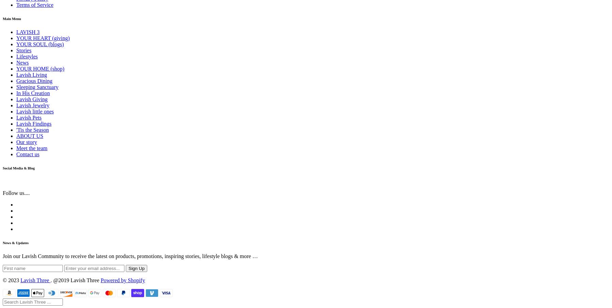 This screenshot has height=308, width=612. What do you see at coordinates (31, 75) in the screenshot?
I see `'Lavish Living'` at bounding box center [31, 75].